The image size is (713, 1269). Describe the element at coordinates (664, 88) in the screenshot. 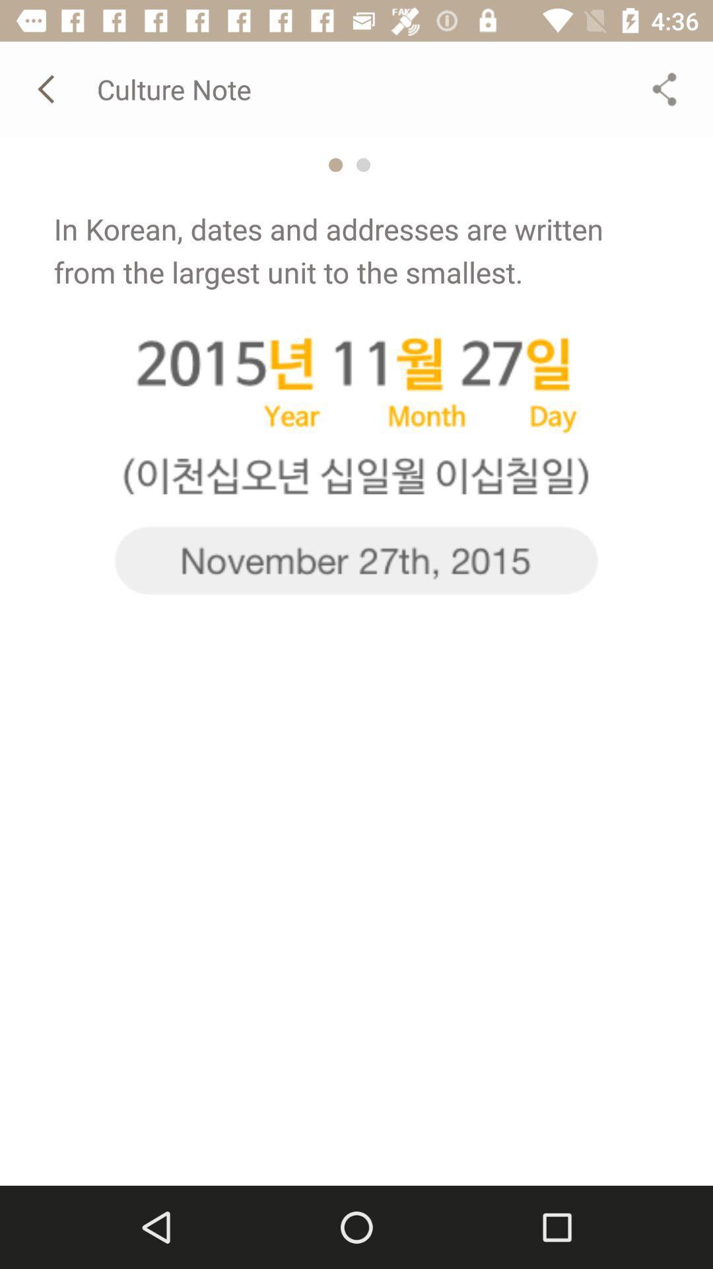

I see `the share icon` at that location.